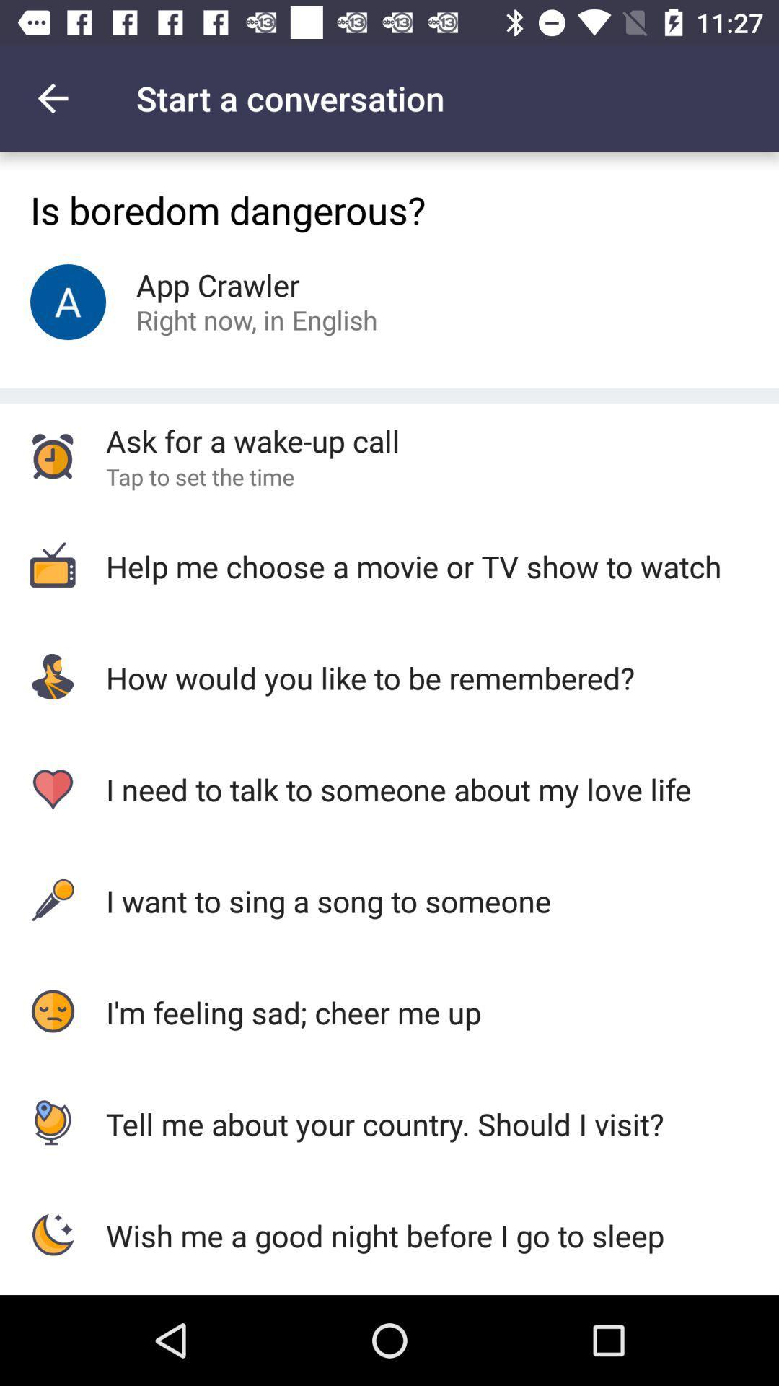 This screenshot has height=1386, width=779. I want to click on icon below is boredom dangerous? item, so click(335, 319).